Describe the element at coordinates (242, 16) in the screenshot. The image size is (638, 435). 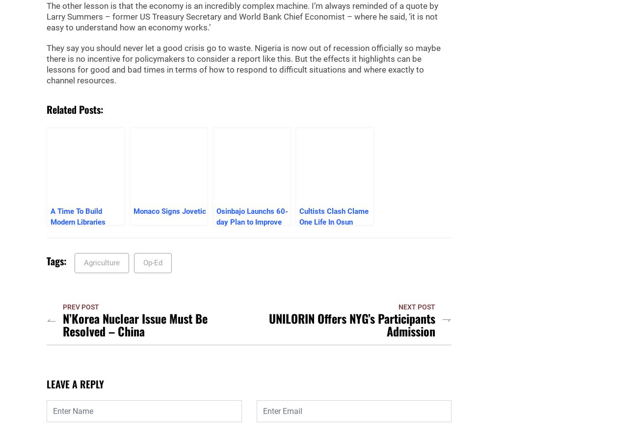
I see `'The other lesson is that the economy is an incredibly complex machine. I’m always reminded of a quote by Larry Summers – former US Treasury Secretary and World Bank Chief Economist – where he said, ‘it is not easy to understand how an economy works.’'` at that location.